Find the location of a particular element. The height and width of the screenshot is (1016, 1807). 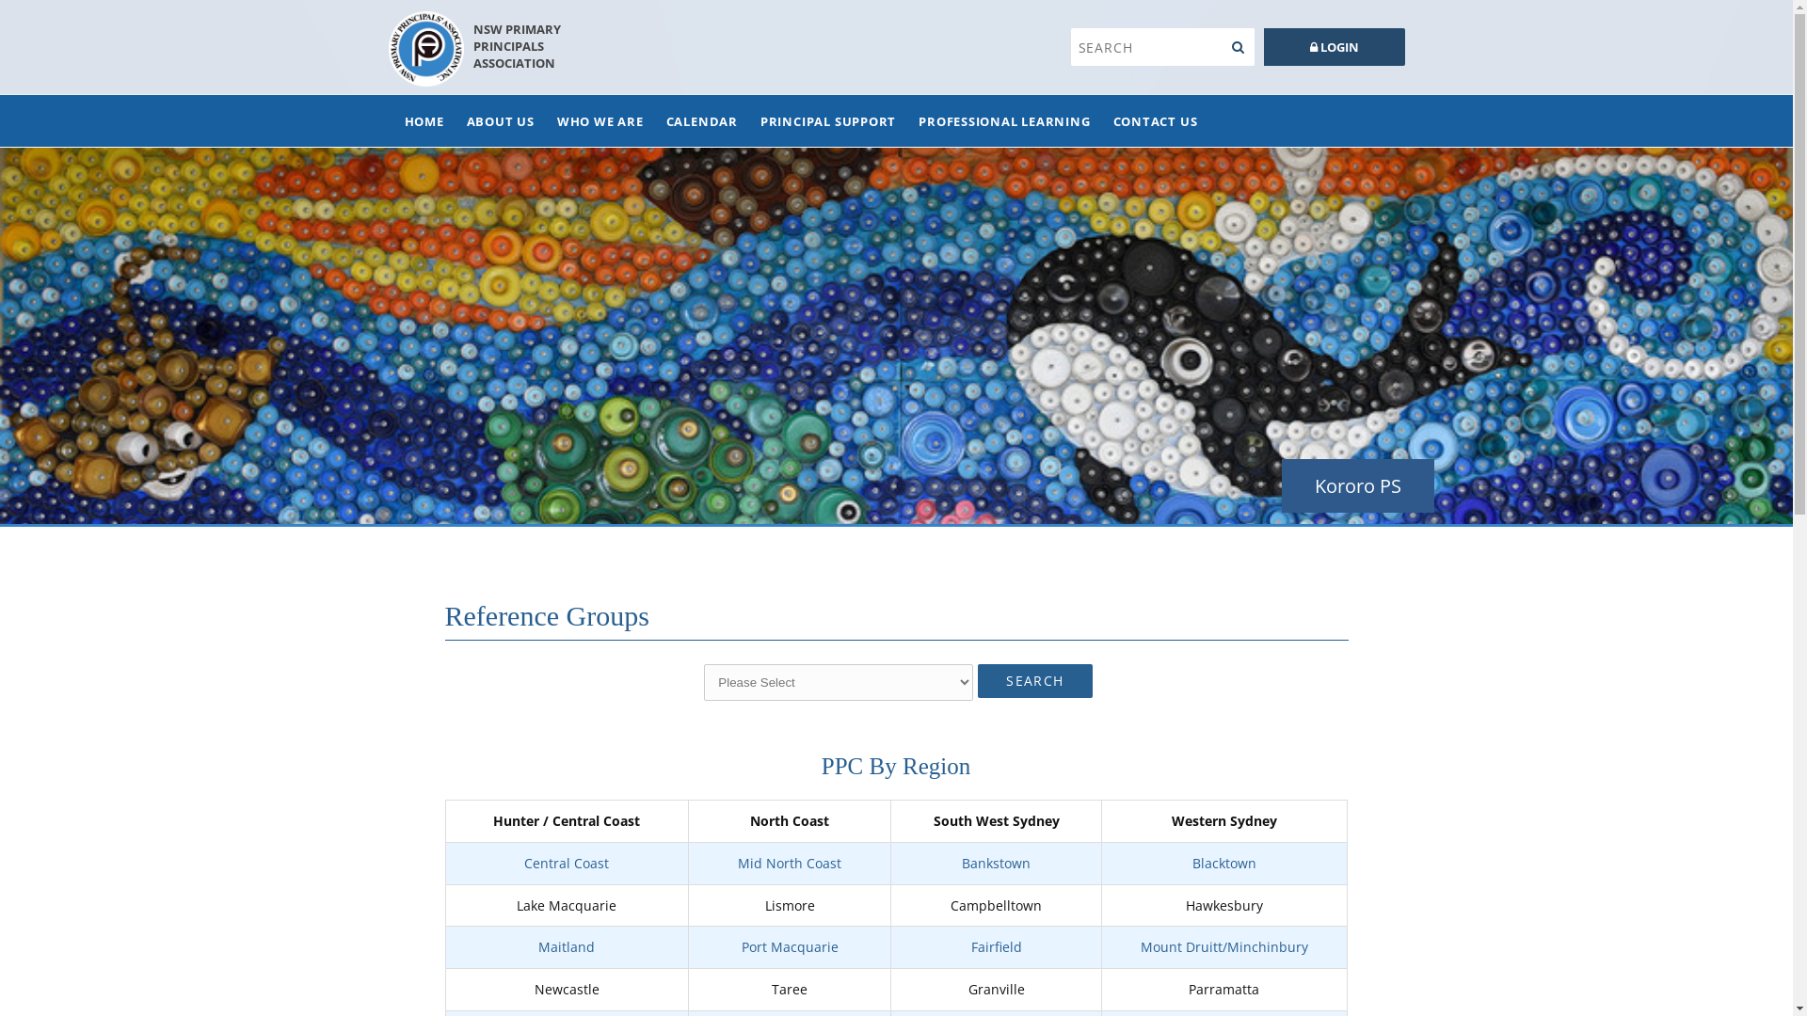

'HOME' is located at coordinates (423, 120).